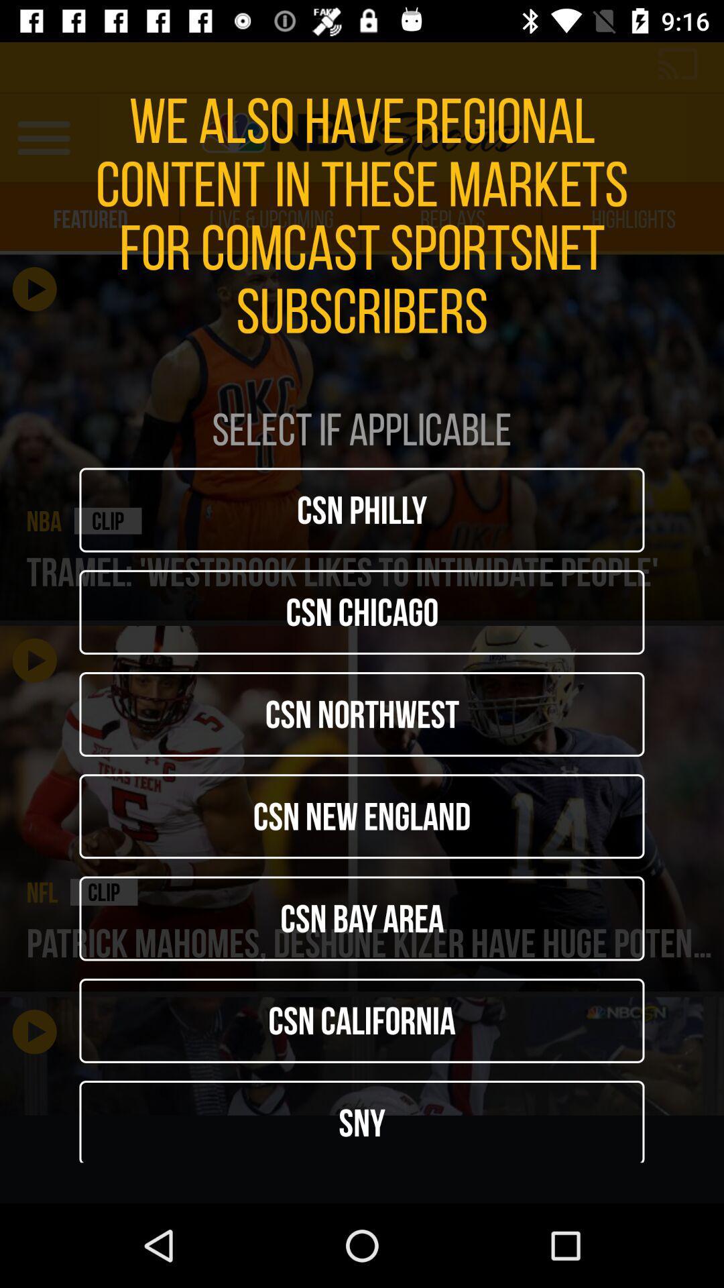 This screenshot has width=724, height=1288. What do you see at coordinates (362, 509) in the screenshot?
I see `csn philly item` at bounding box center [362, 509].